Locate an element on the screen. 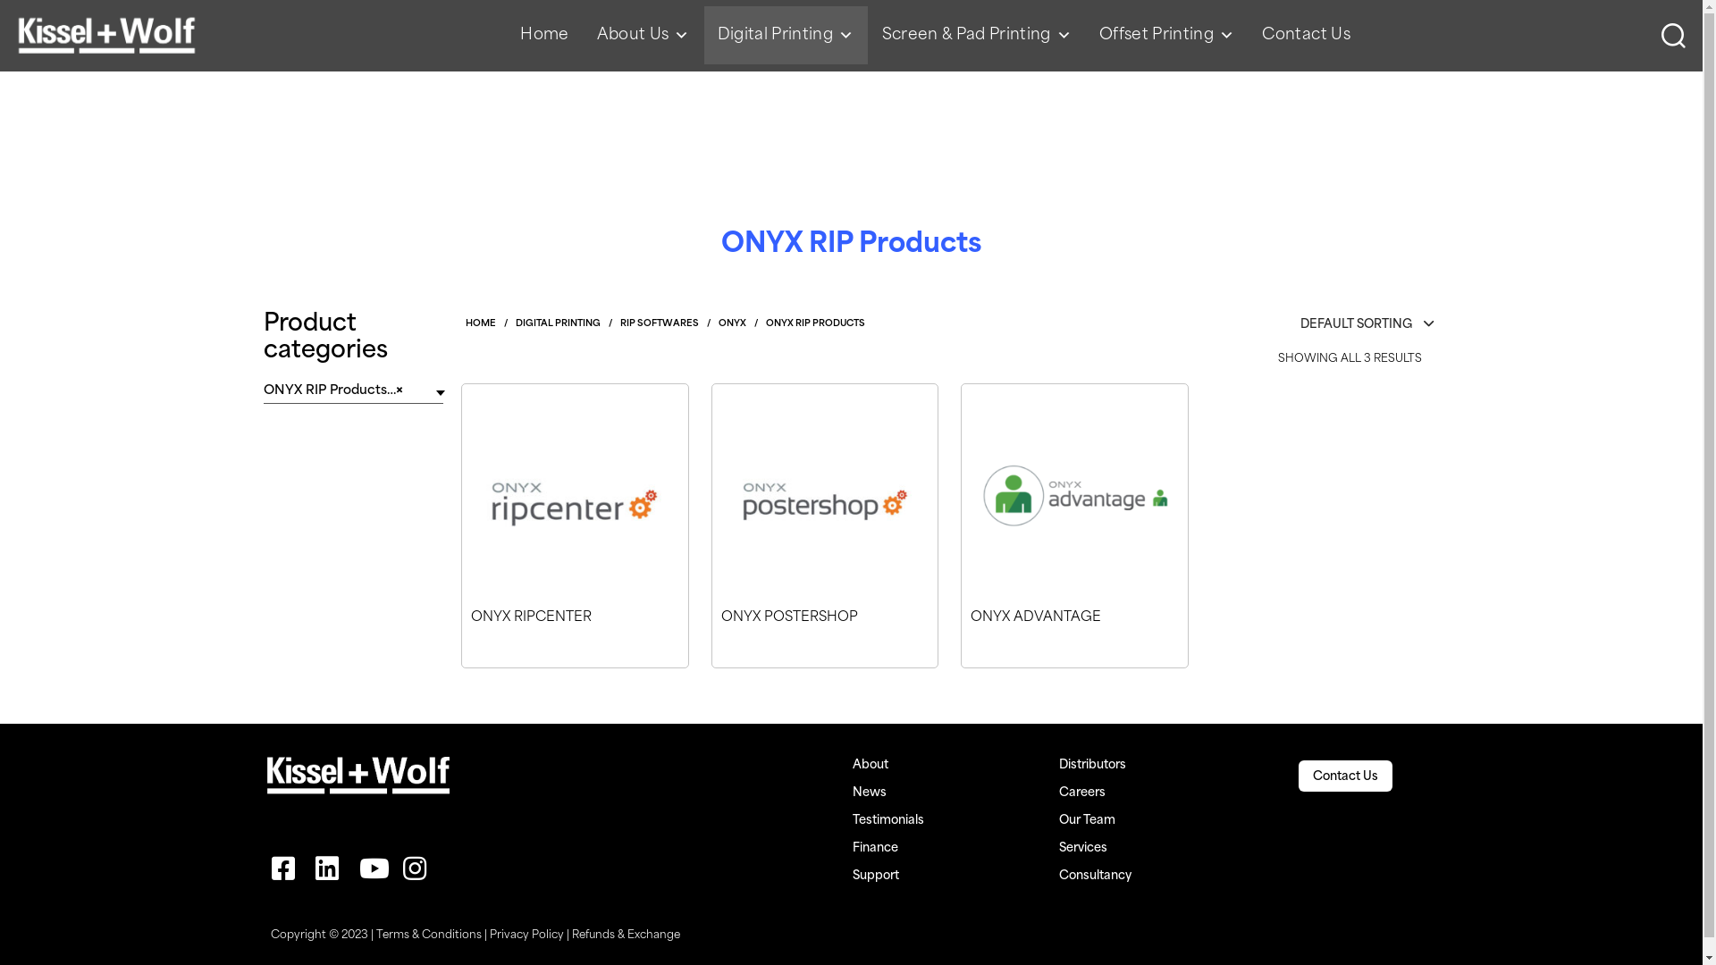 The width and height of the screenshot is (1716, 965). 'HOME' is located at coordinates (466, 323).